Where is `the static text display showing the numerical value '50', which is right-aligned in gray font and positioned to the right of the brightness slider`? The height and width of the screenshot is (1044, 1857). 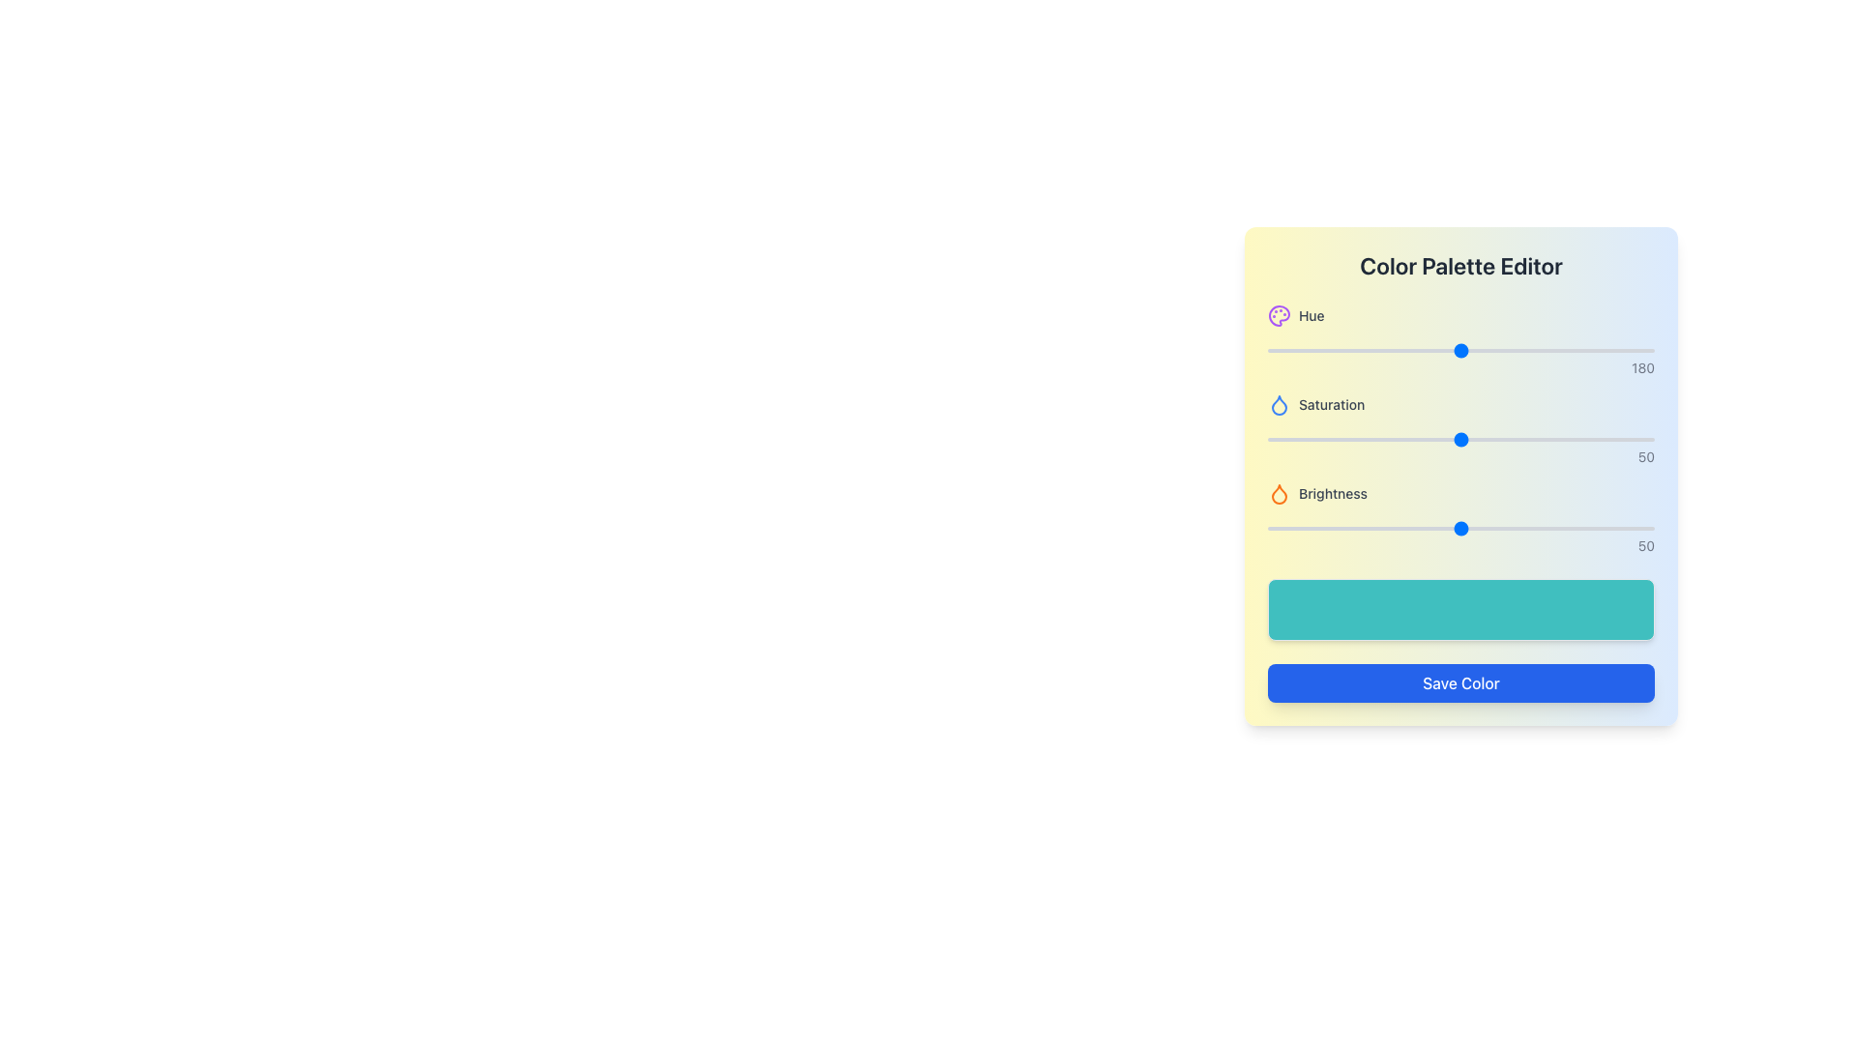 the static text display showing the numerical value '50', which is right-aligned in gray font and positioned to the right of the brightness slider is located at coordinates (1461, 545).